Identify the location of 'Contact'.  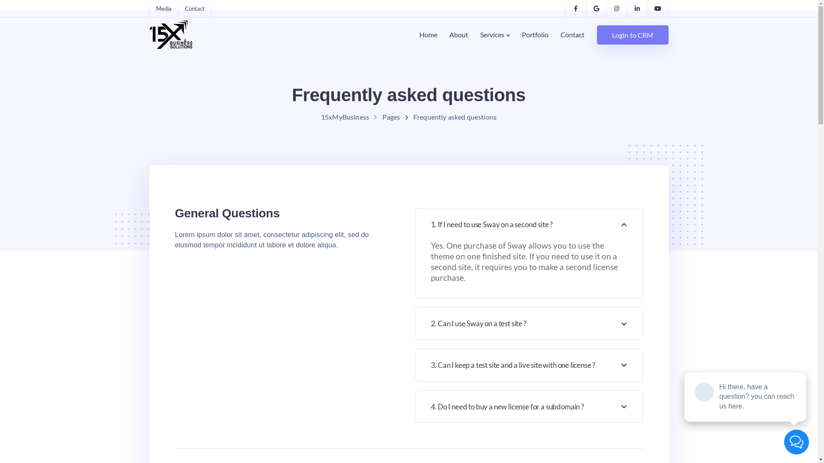
(573, 34).